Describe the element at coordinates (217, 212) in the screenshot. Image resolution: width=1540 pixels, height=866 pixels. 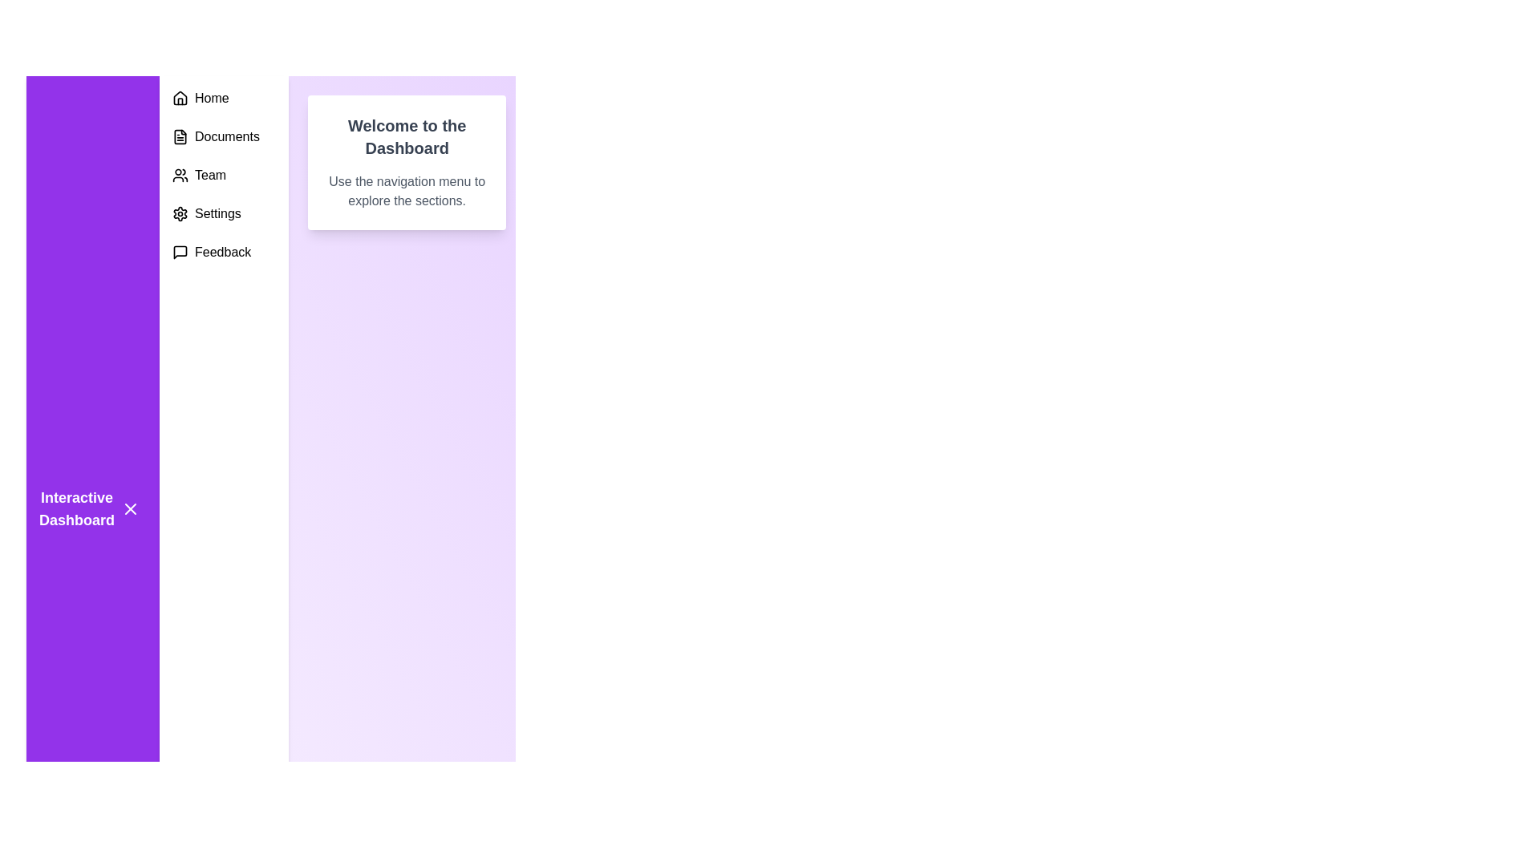
I see `the fourth item in the vertical navigation menu, which is a text label indicating a navigation option` at that location.